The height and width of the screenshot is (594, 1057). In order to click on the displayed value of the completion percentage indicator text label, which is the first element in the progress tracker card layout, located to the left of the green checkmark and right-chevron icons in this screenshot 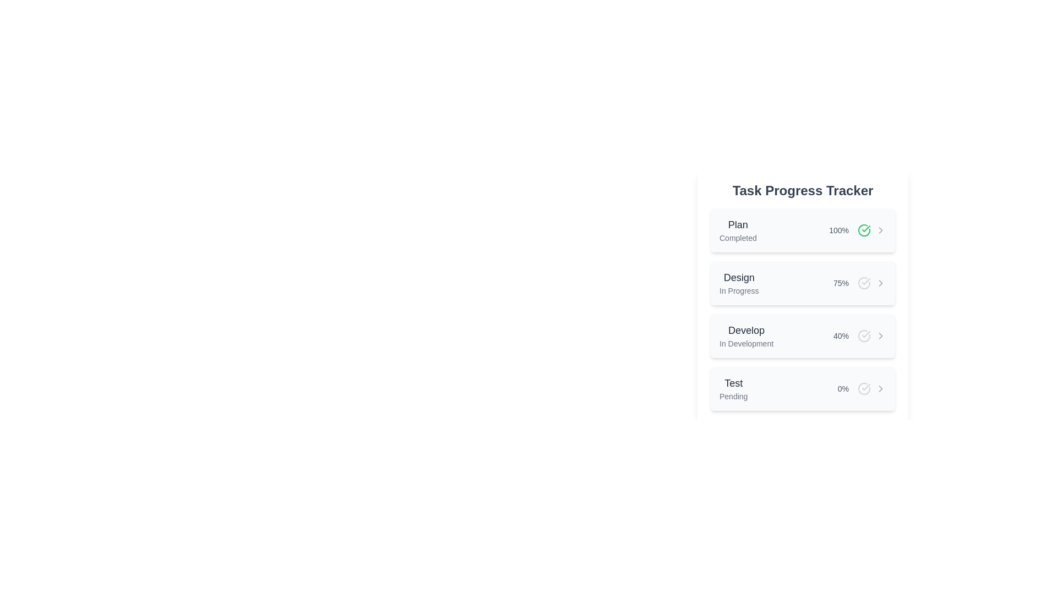, I will do `click(838, 230)`.